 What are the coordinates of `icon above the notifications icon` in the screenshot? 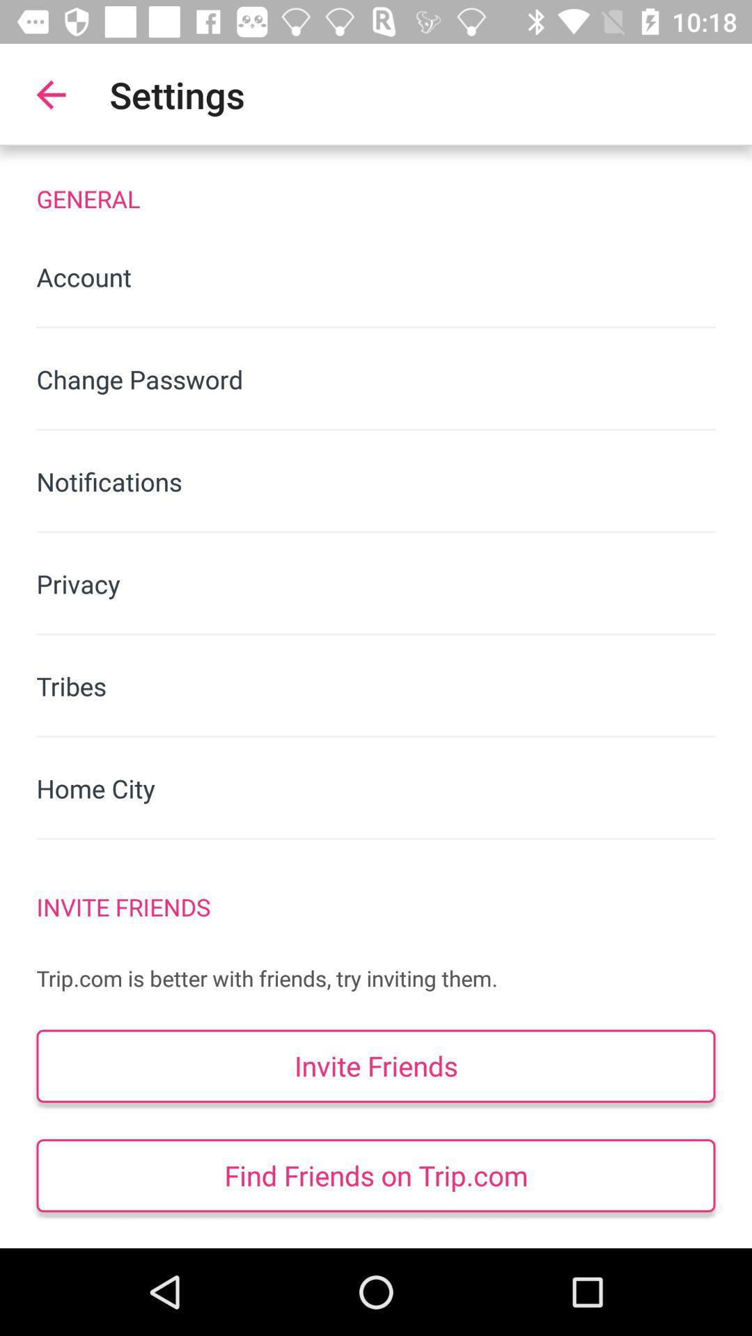 It's located at (376, 379).